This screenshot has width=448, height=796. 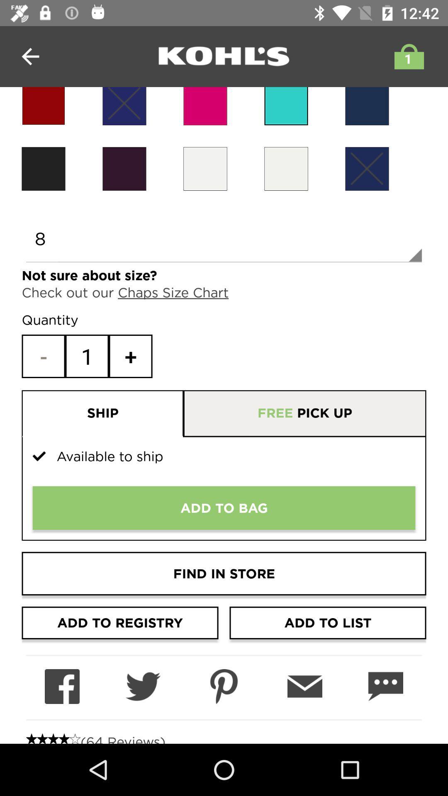 I want to click on the star icon, so click(x=43, y=106).